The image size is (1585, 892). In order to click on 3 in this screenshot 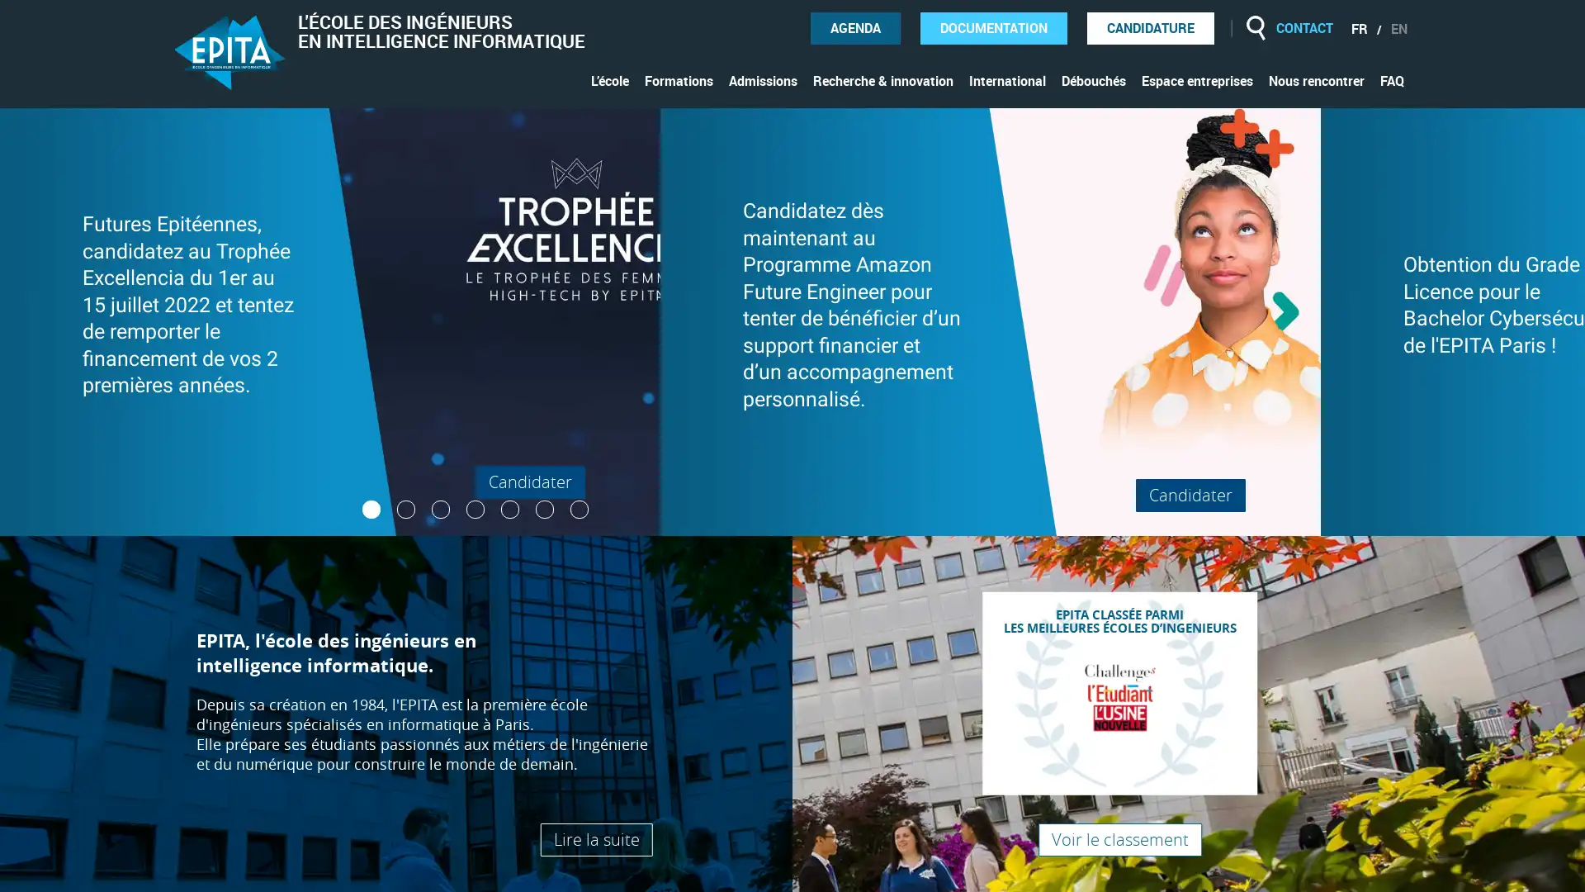, I will do `click(440, 505)`.